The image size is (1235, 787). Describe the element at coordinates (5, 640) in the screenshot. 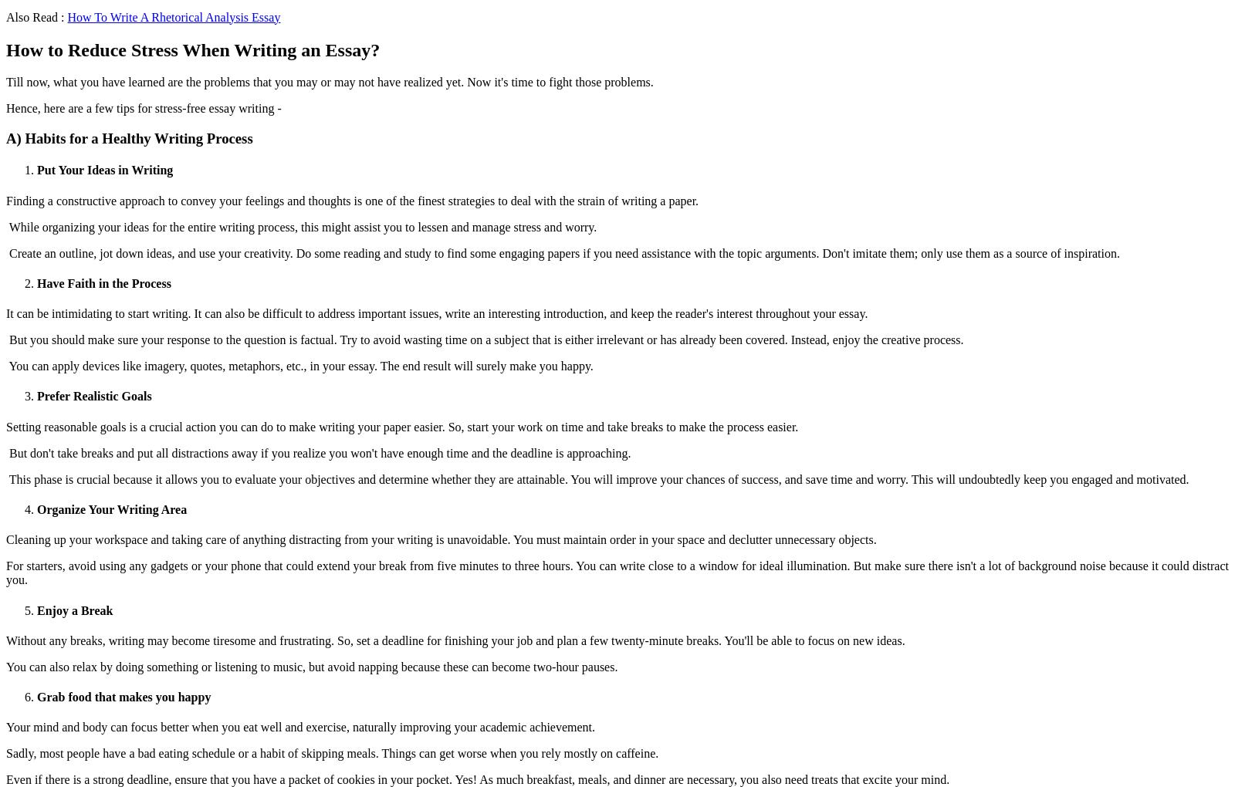

I see `'Without any breaks, writing may become tiresome and frustrating. So, set a deadline for finishing your job and plan a few twenty-minute breaks. You'll be able to focus on new ideas.'` at that location.